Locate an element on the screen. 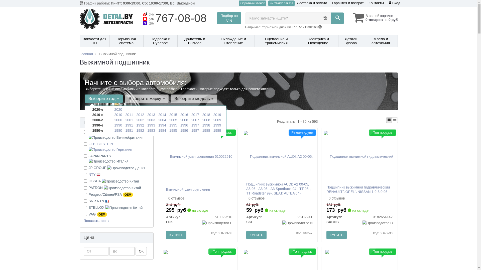 Image resolution: width=481 pixels, height=270 pixels. '1985' is located at coordinates (169, 130).